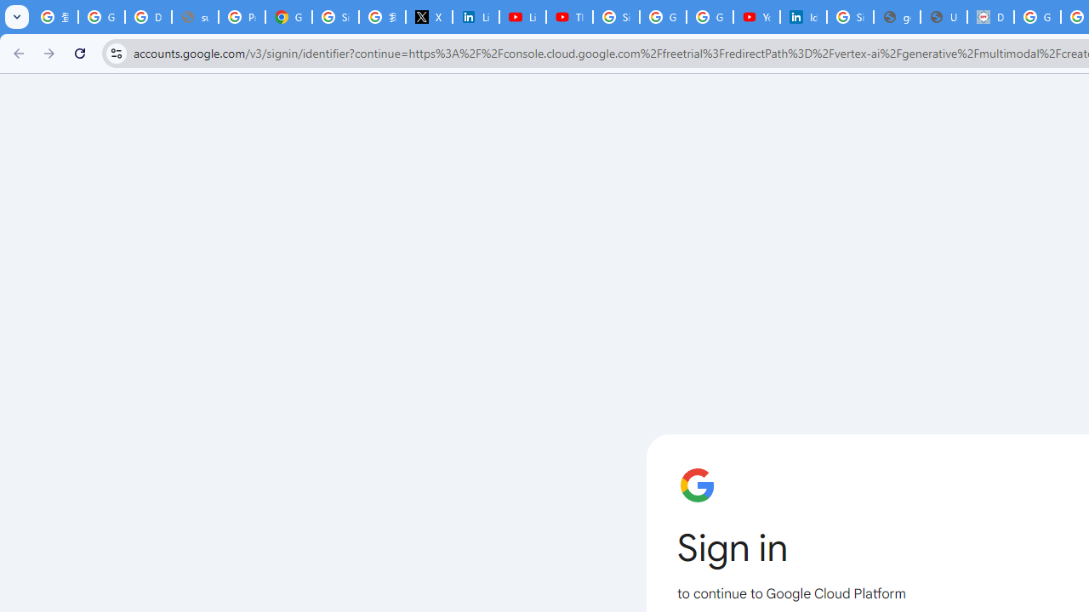 This screenshot has height=612, width=1089. What do you see at coordinates (943, 17) in the screenshot?
I see `'User Details'` at bounding box center [943, 17].